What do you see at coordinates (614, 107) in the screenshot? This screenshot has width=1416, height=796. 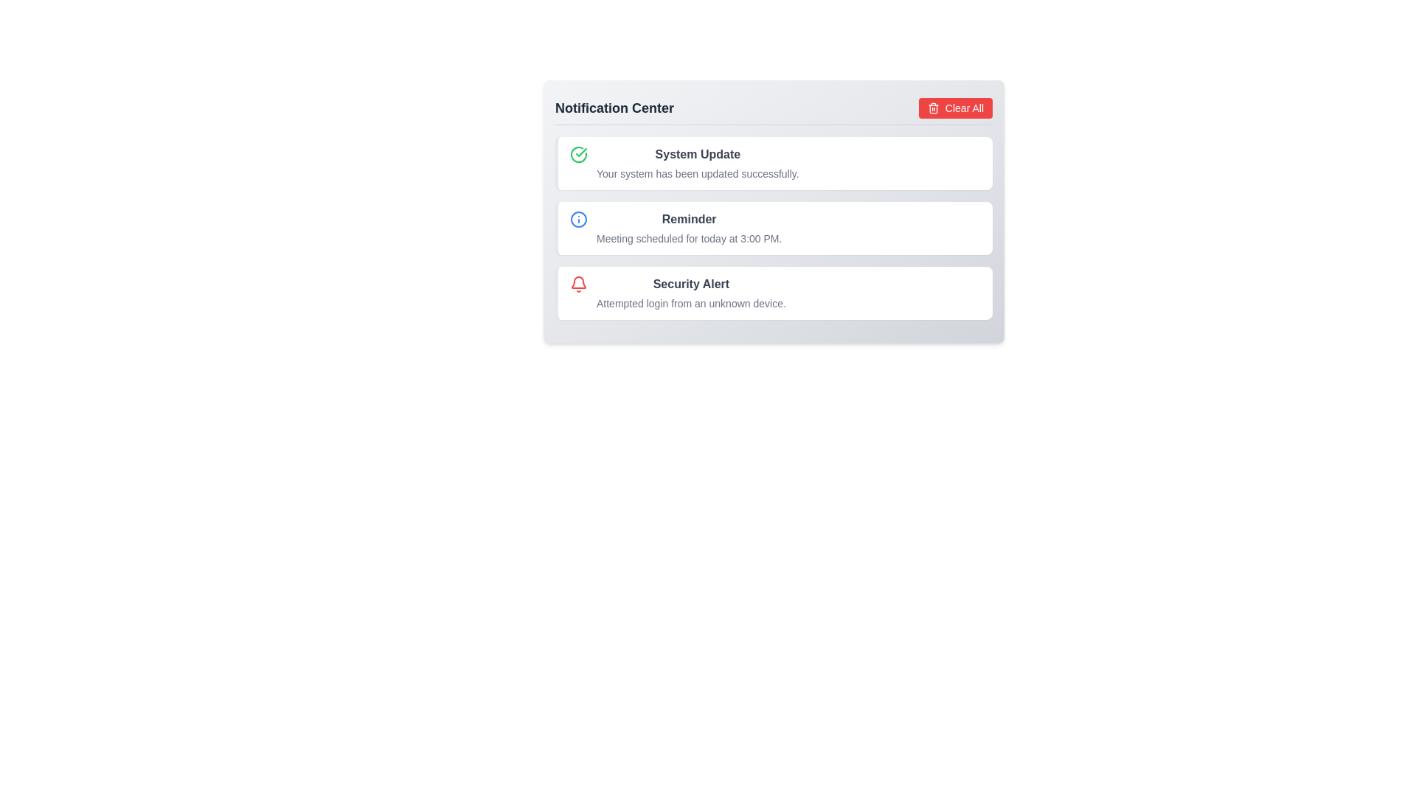 I see `the 'Notification Center' label, which is a bold text element at the top-left corner of the notification panel` at bounding box center [614, 107].